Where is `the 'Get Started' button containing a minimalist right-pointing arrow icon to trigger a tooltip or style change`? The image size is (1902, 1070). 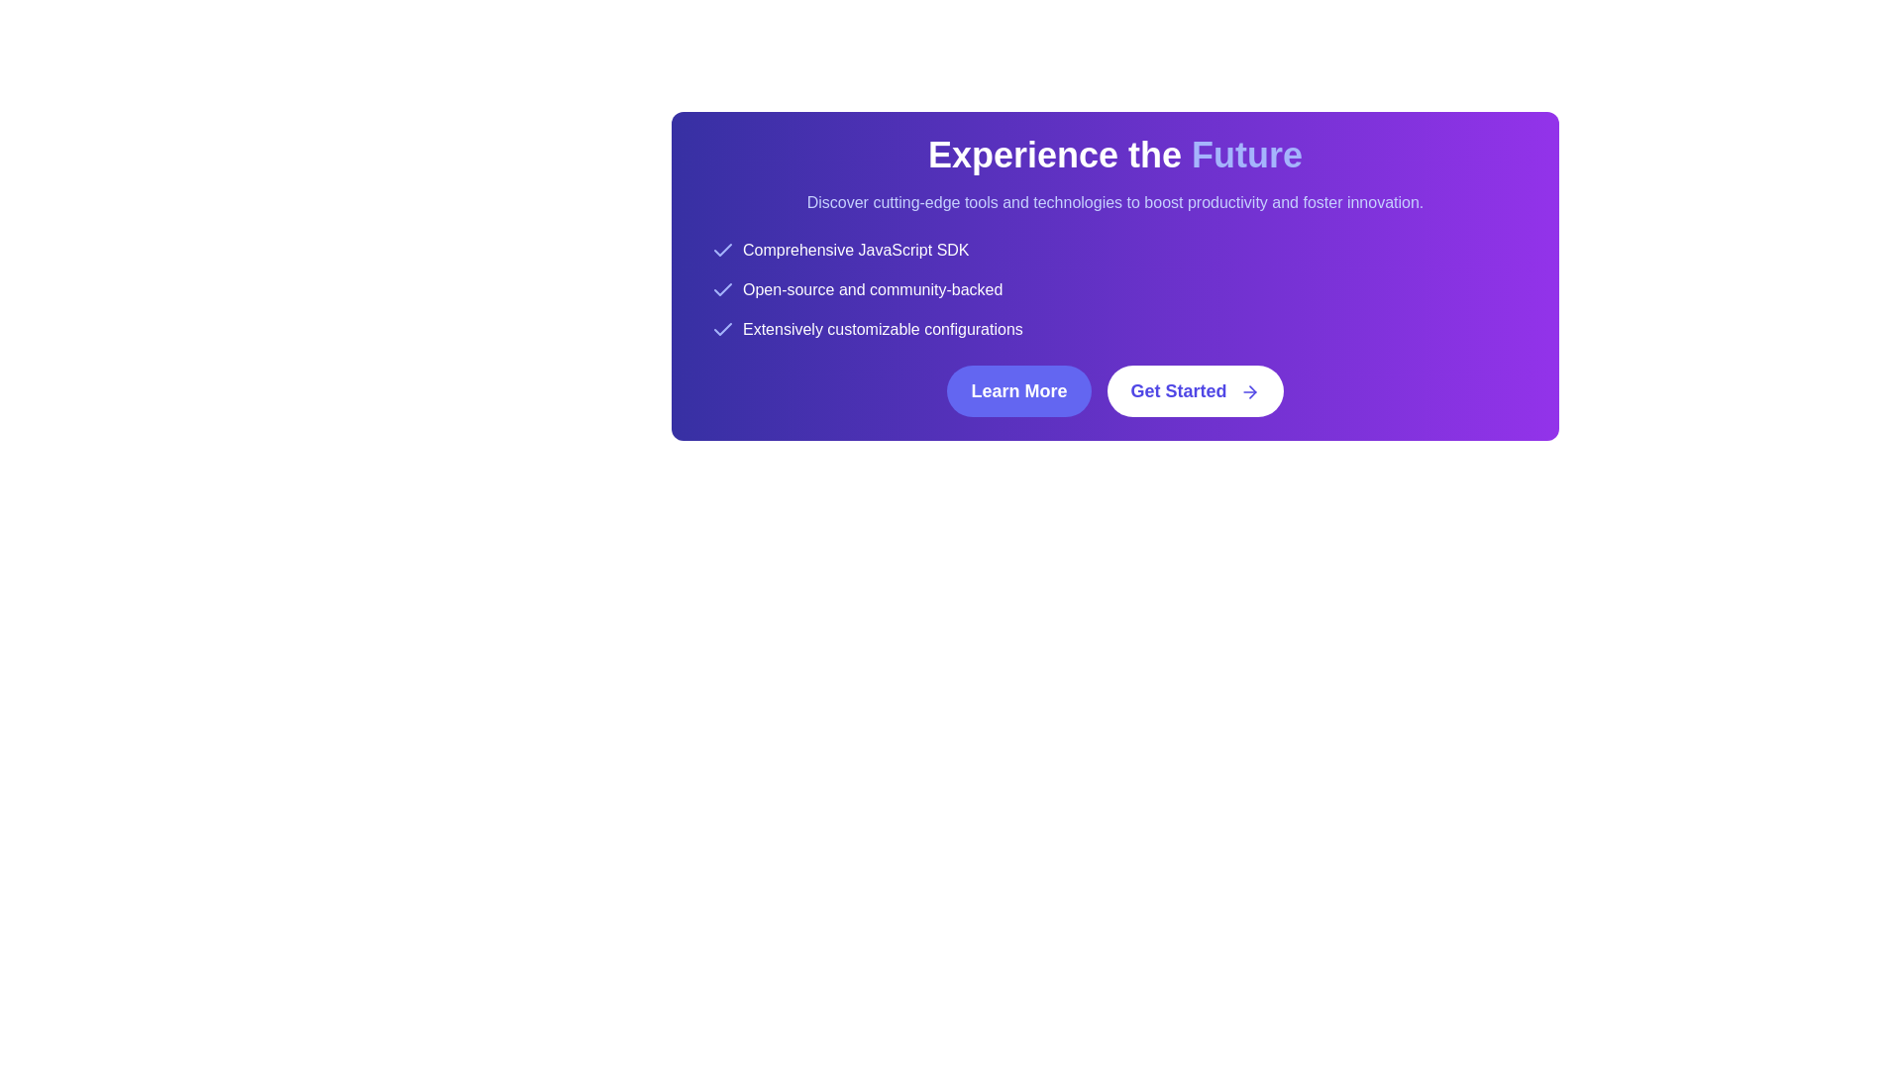
the 'Get Started' button containing a minimalist right-pointing arrow icon to trigger a tooltip or style change is located at coordinates (1251, 392).